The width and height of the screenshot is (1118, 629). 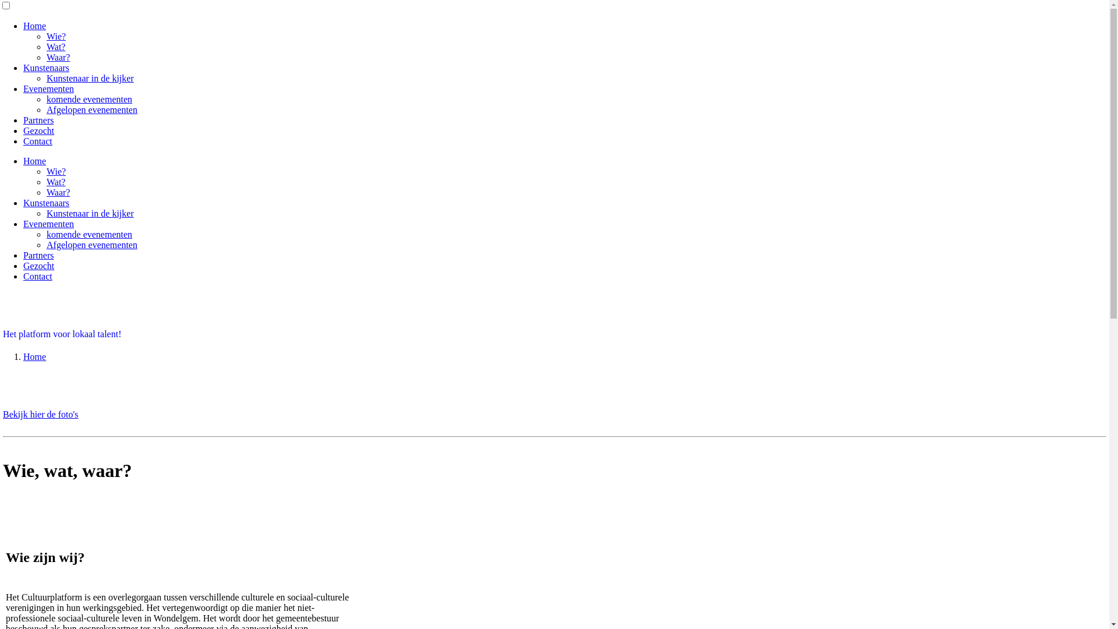 What do you see at coordinates (58, 192) in the screenshot?
I see `'Waar?'` at bounding box center [58, 192].